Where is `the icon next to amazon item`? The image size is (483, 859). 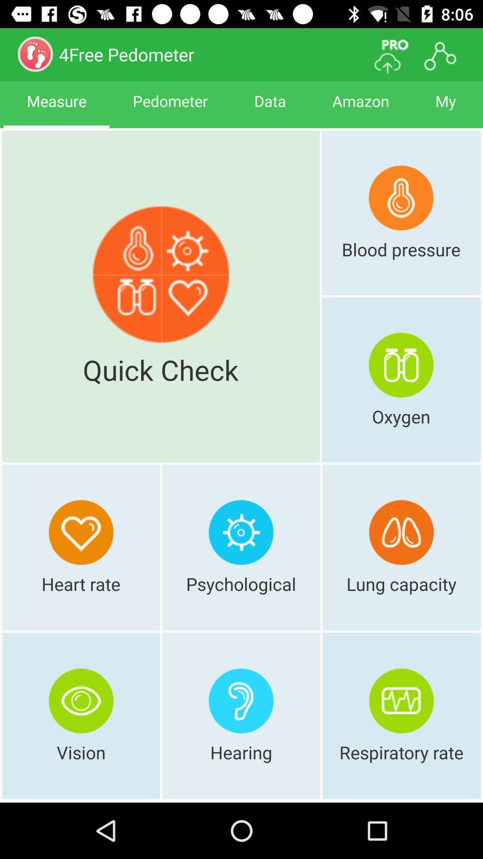 the icon next to amazon item is located at coordinates (270, 109).